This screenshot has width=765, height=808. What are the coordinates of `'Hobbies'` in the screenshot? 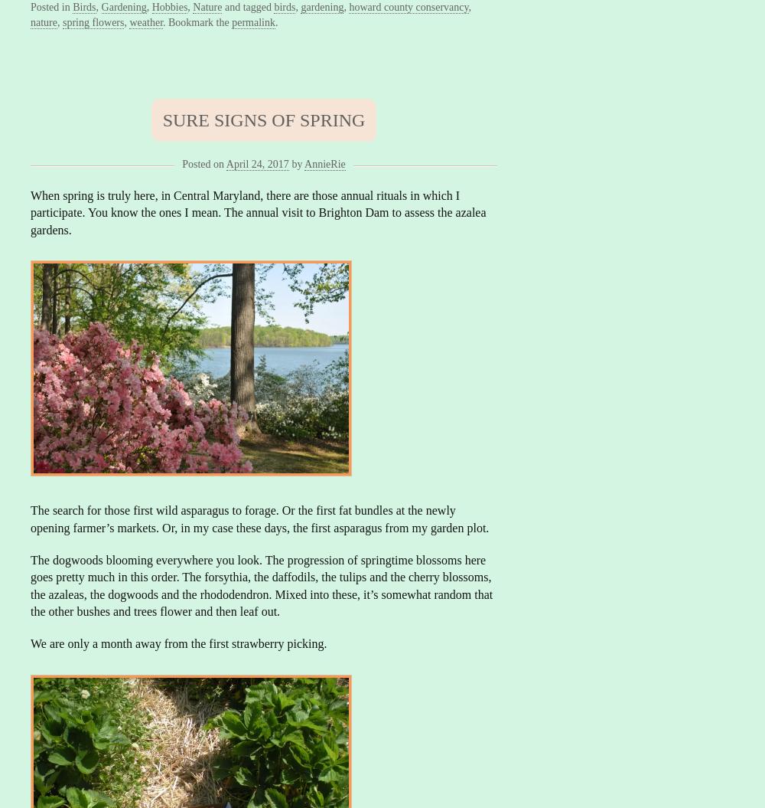 It's located at (168, 7).